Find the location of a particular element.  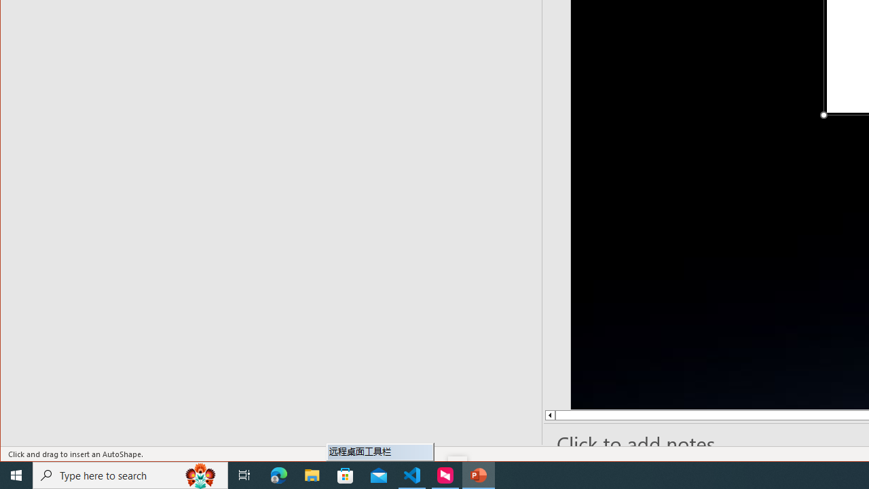

'Start' is located at coordinates (16, 474).